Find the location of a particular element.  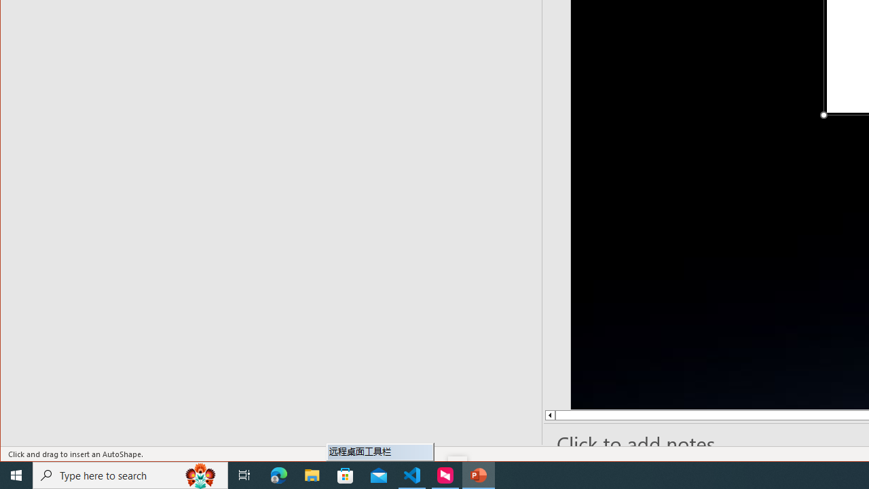

'Start' is located at coordinates (16, 474).